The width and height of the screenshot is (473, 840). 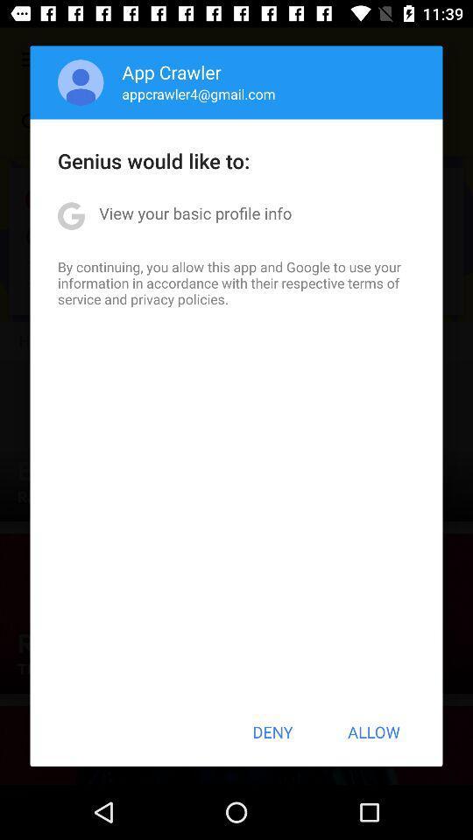 What do you see at coordinates (272, 731) in the screenshot?
I see `the item at the bottom` at bounding box center [272, 731].